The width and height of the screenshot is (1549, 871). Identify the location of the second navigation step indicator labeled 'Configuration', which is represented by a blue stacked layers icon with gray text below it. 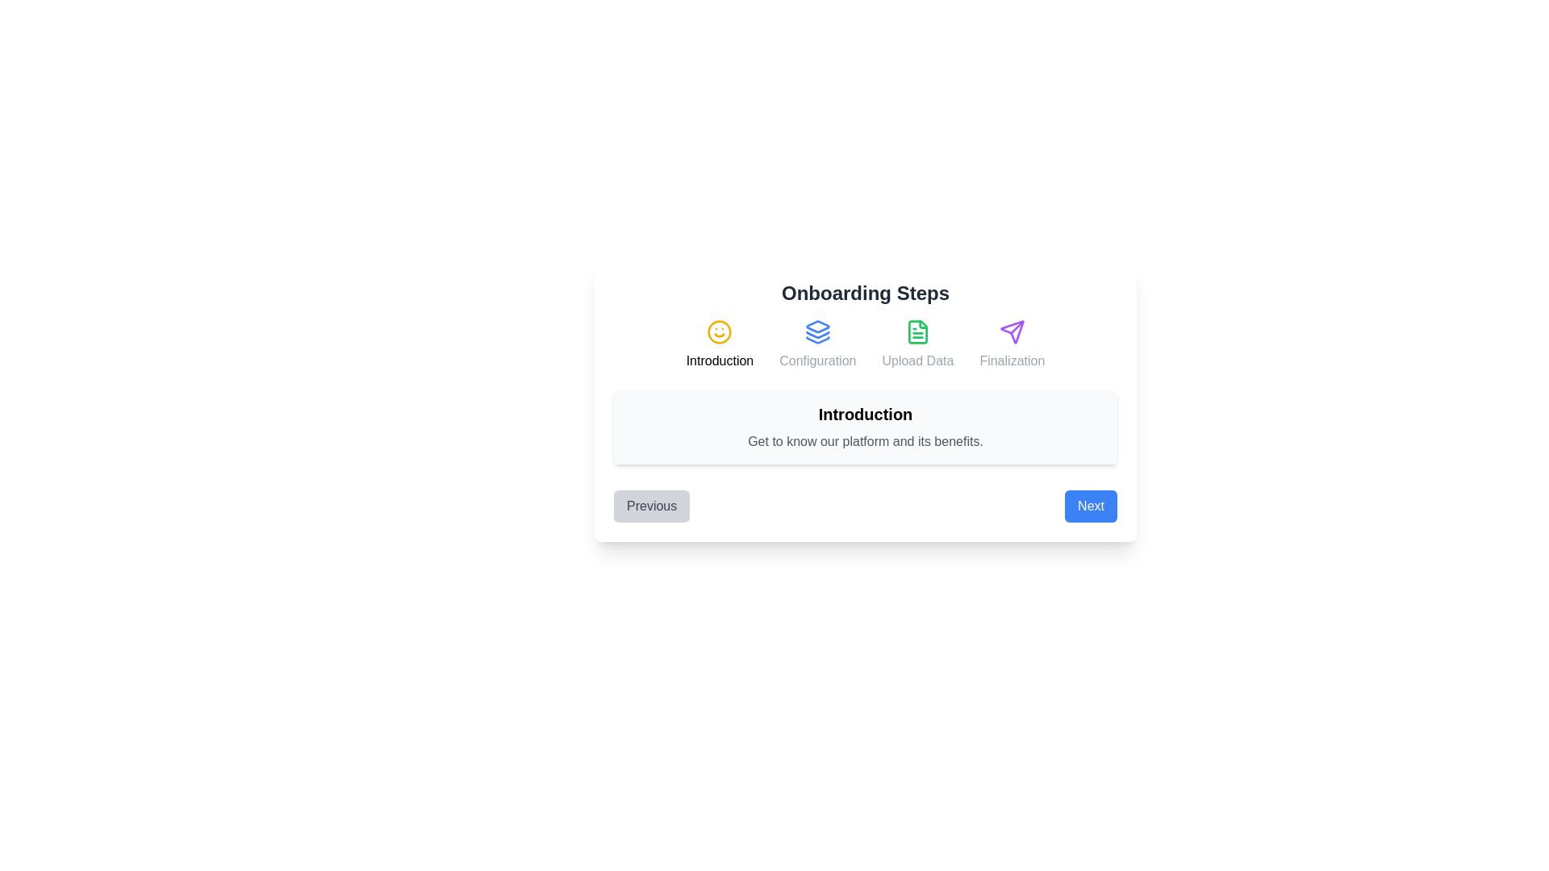
(817, 344).